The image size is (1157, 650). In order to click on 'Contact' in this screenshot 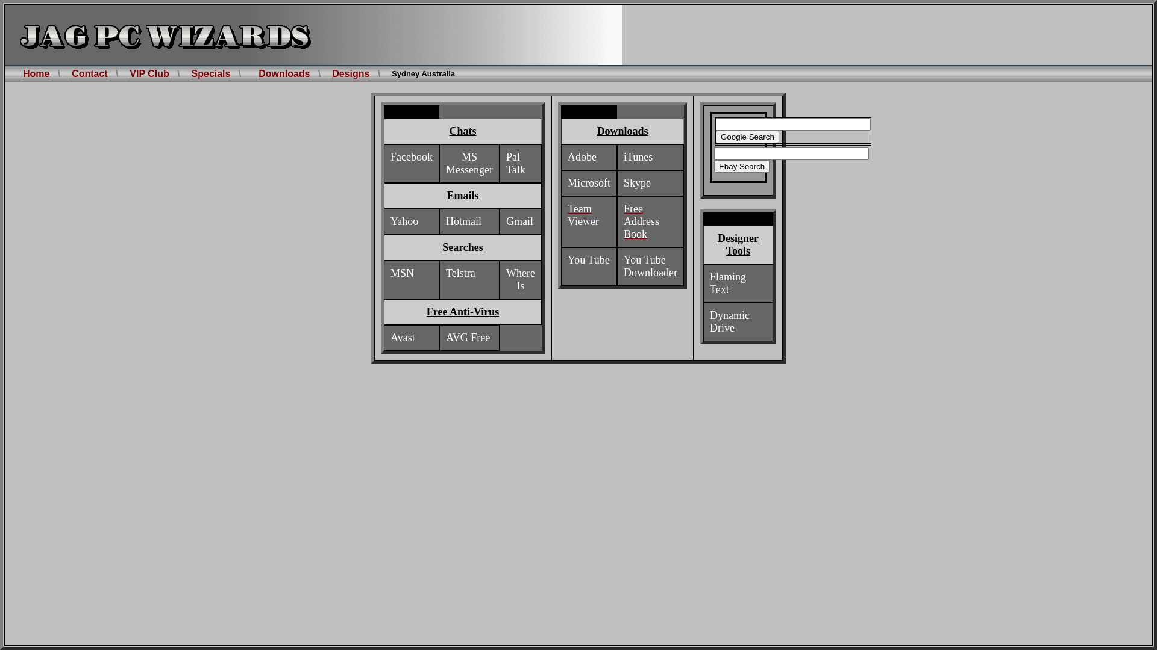, I will do `click(89, 73)`.